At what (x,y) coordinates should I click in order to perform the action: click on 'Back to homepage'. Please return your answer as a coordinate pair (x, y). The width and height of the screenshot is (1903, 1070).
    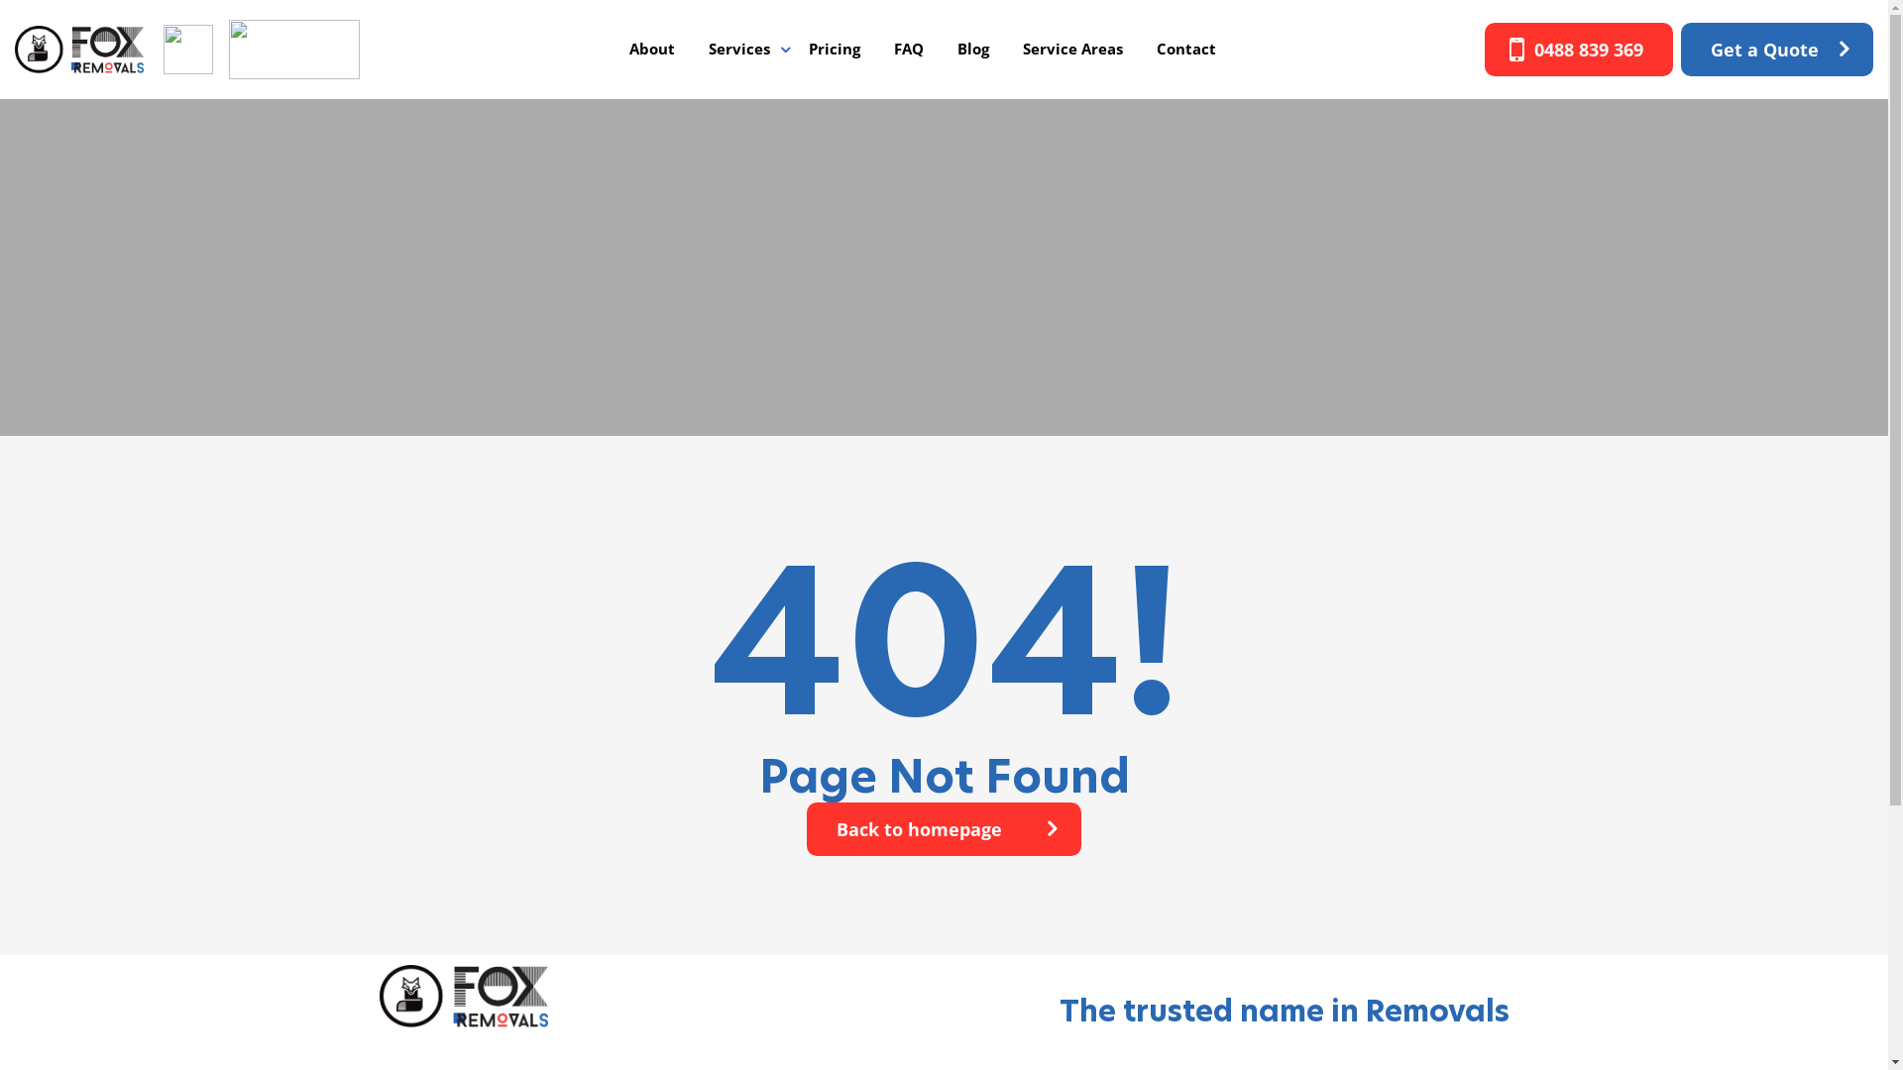
    Looking at the image, I should click on (943, 829).